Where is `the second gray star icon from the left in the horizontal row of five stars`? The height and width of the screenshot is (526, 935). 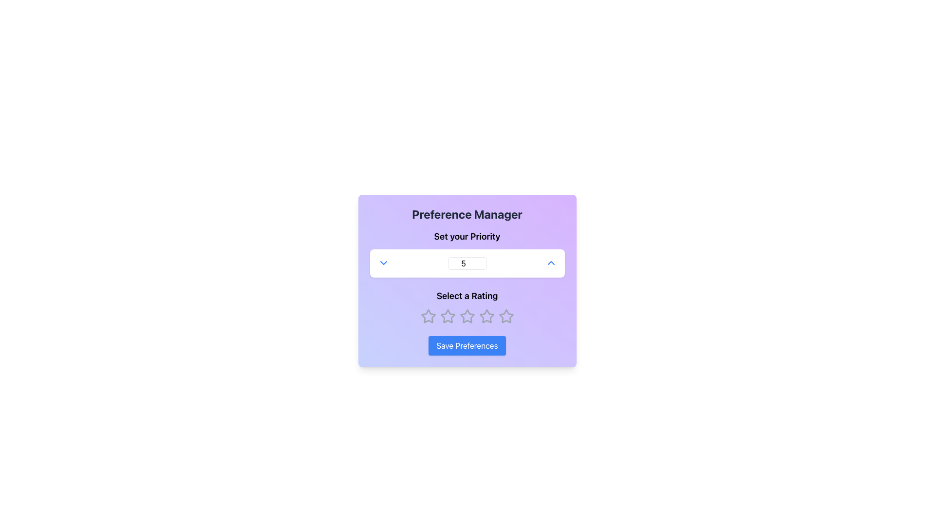
the second gray star icon from the left in the horizontal row of five stars is located at coordinates (447, 316).